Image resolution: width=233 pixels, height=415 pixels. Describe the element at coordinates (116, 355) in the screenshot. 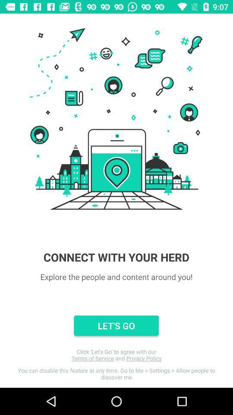

I see `the icon above the you can disable icon` at that location.